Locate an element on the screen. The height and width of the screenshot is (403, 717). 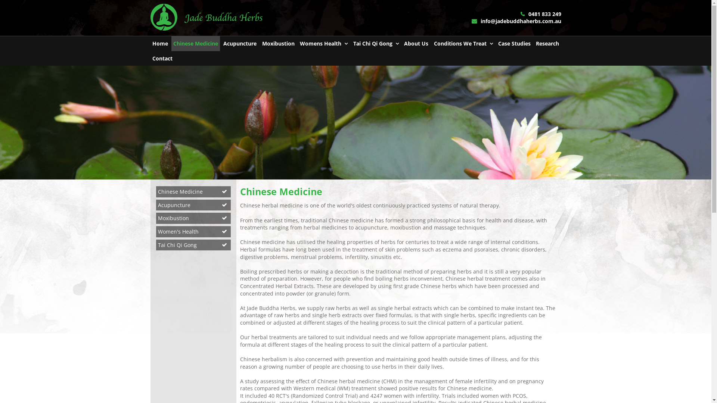
'info@jadebuddhaherbs.com.au' is located at coordinates (516, 21).